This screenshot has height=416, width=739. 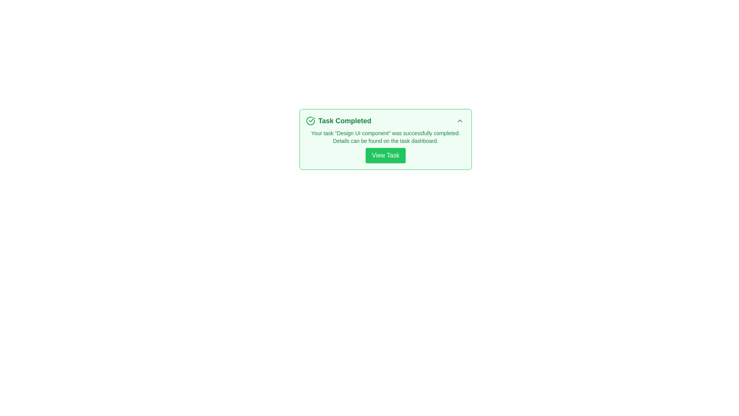 I want to click on the static text notification about task completion, located below the 'Task Completed' header in the bordered green notification card, so click(x=386, y=146).